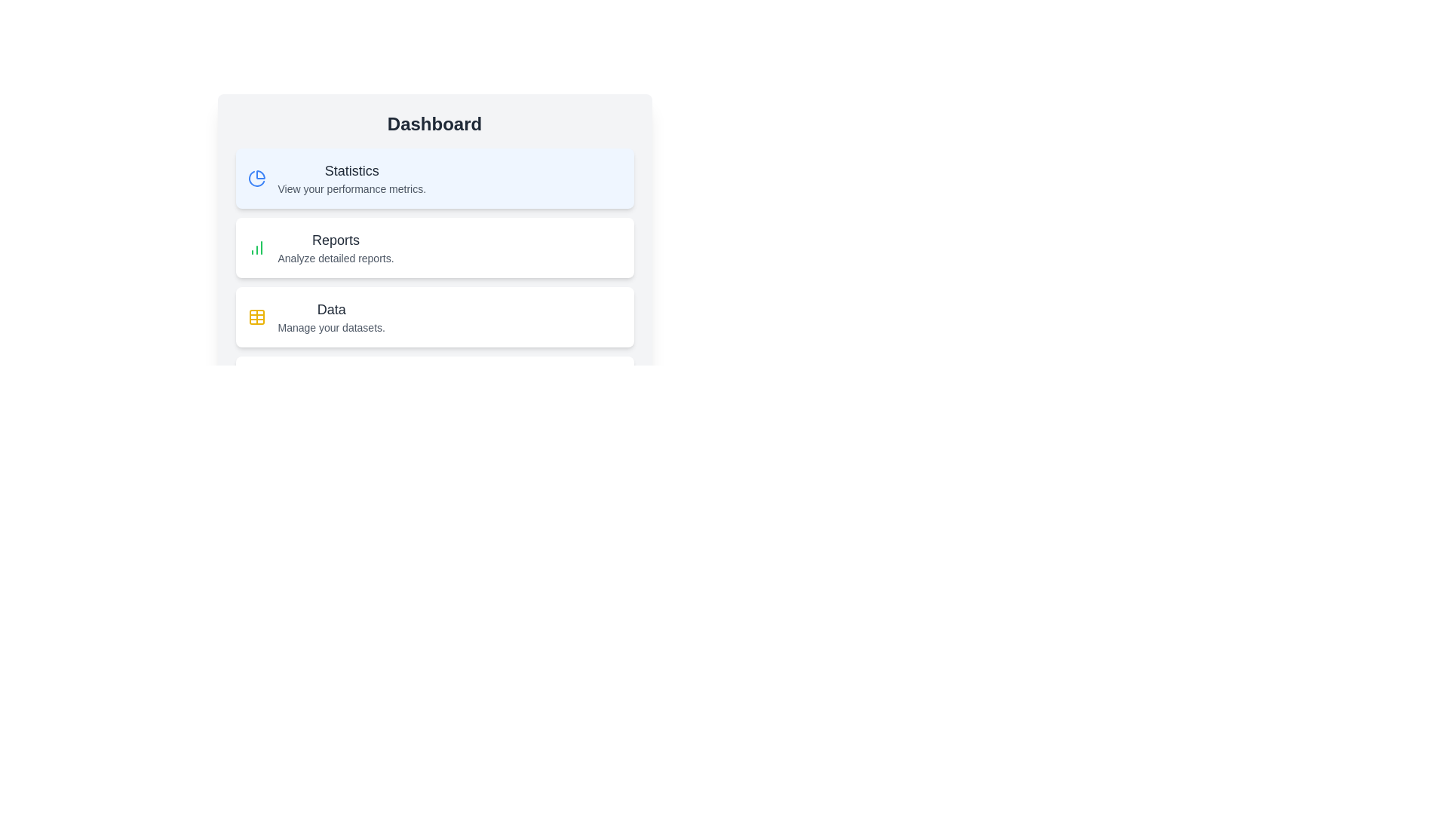 The image size is (1448, 814). Describe the element at coordinates (434, 316) in the screenshot. I see `the section Data from the list` at that location.